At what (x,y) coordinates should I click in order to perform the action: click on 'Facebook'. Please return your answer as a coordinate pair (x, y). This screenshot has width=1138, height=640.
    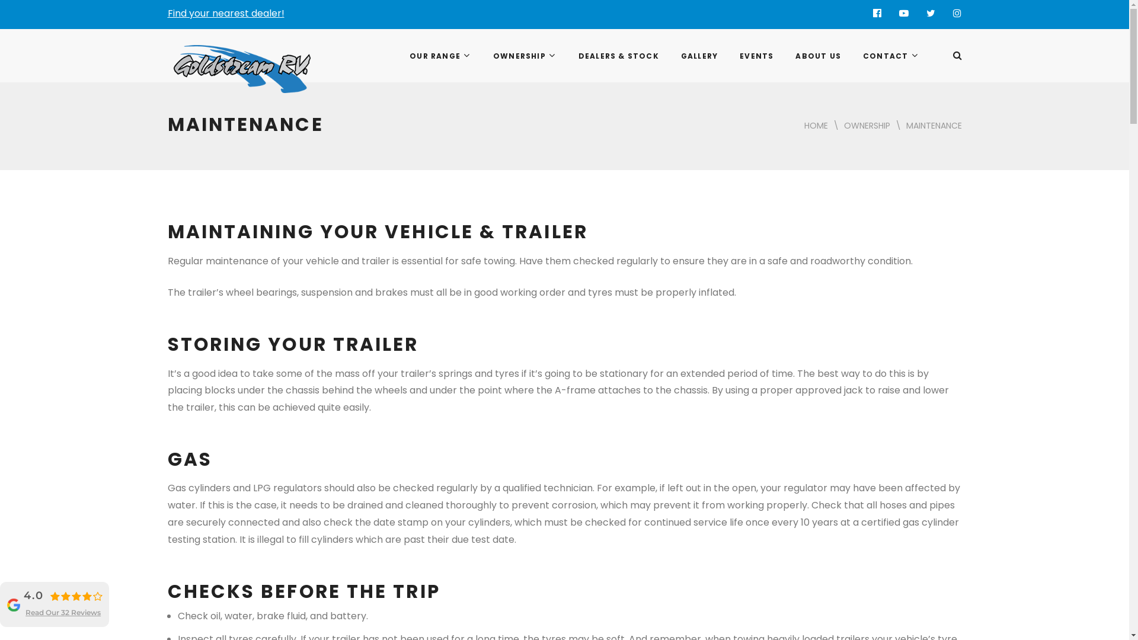
    Looking at the image, I should click on (877, 13).